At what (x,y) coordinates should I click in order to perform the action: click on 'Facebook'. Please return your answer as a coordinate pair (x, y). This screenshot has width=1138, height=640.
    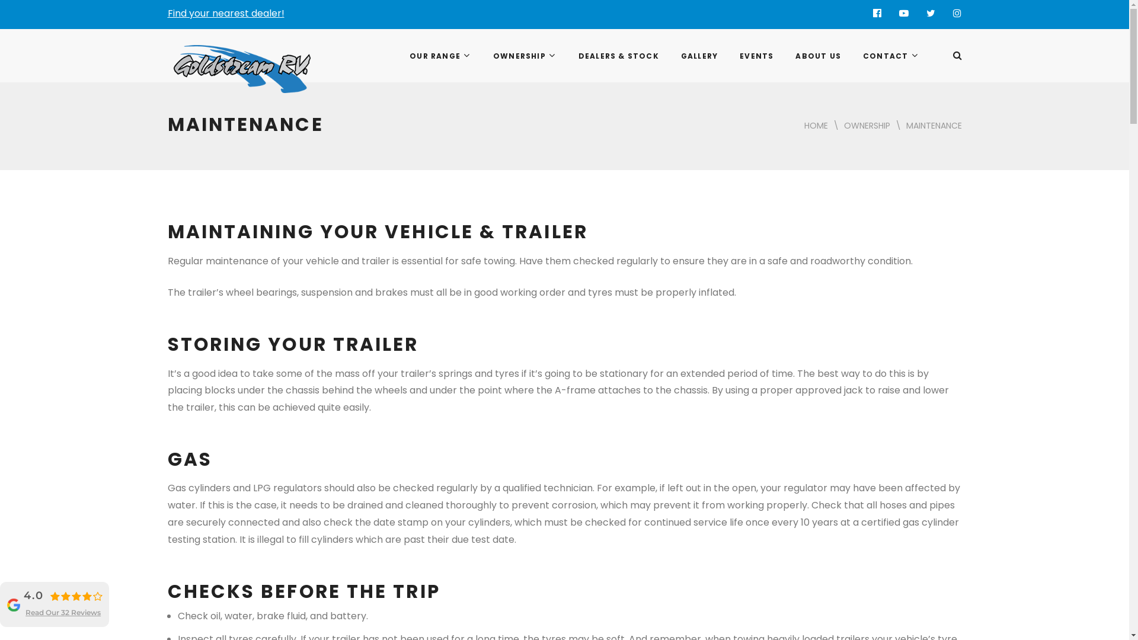
    Looking at the image, I should click on (877, 13).